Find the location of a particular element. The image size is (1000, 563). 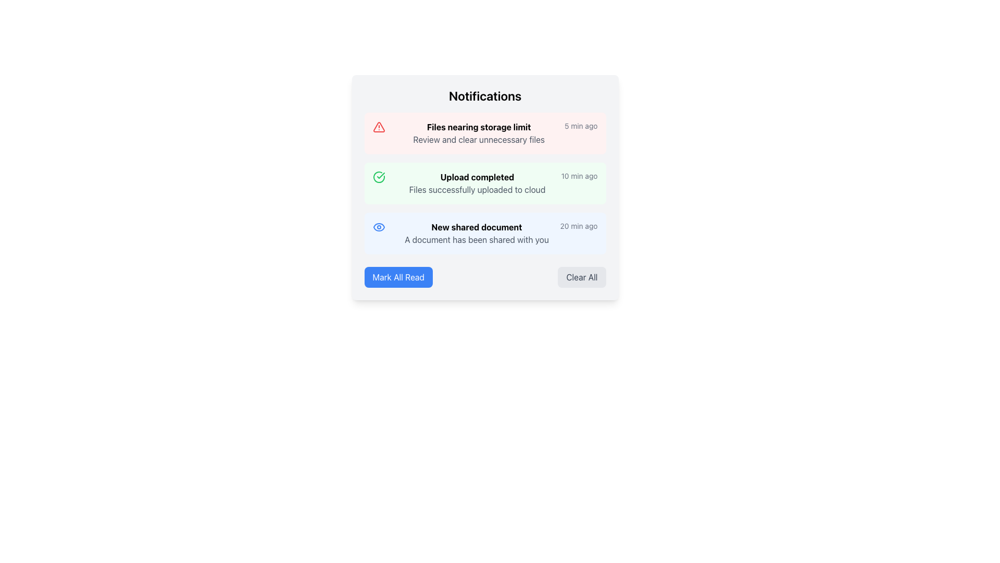

the timestamp text in the top-right corner of the second notification card is located at coordinates (579, 176).